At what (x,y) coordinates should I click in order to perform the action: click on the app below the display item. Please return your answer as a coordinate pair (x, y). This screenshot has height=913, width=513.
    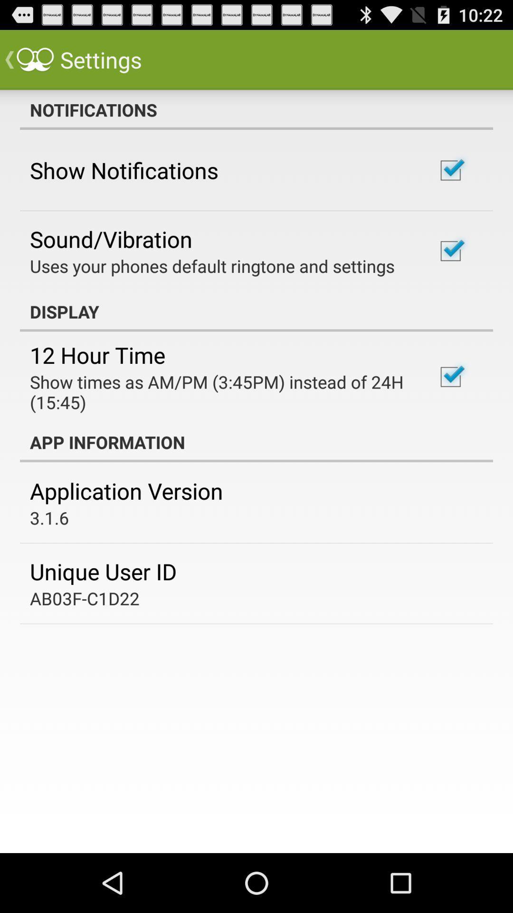
    Looking at the image, I should click on (97, 354).